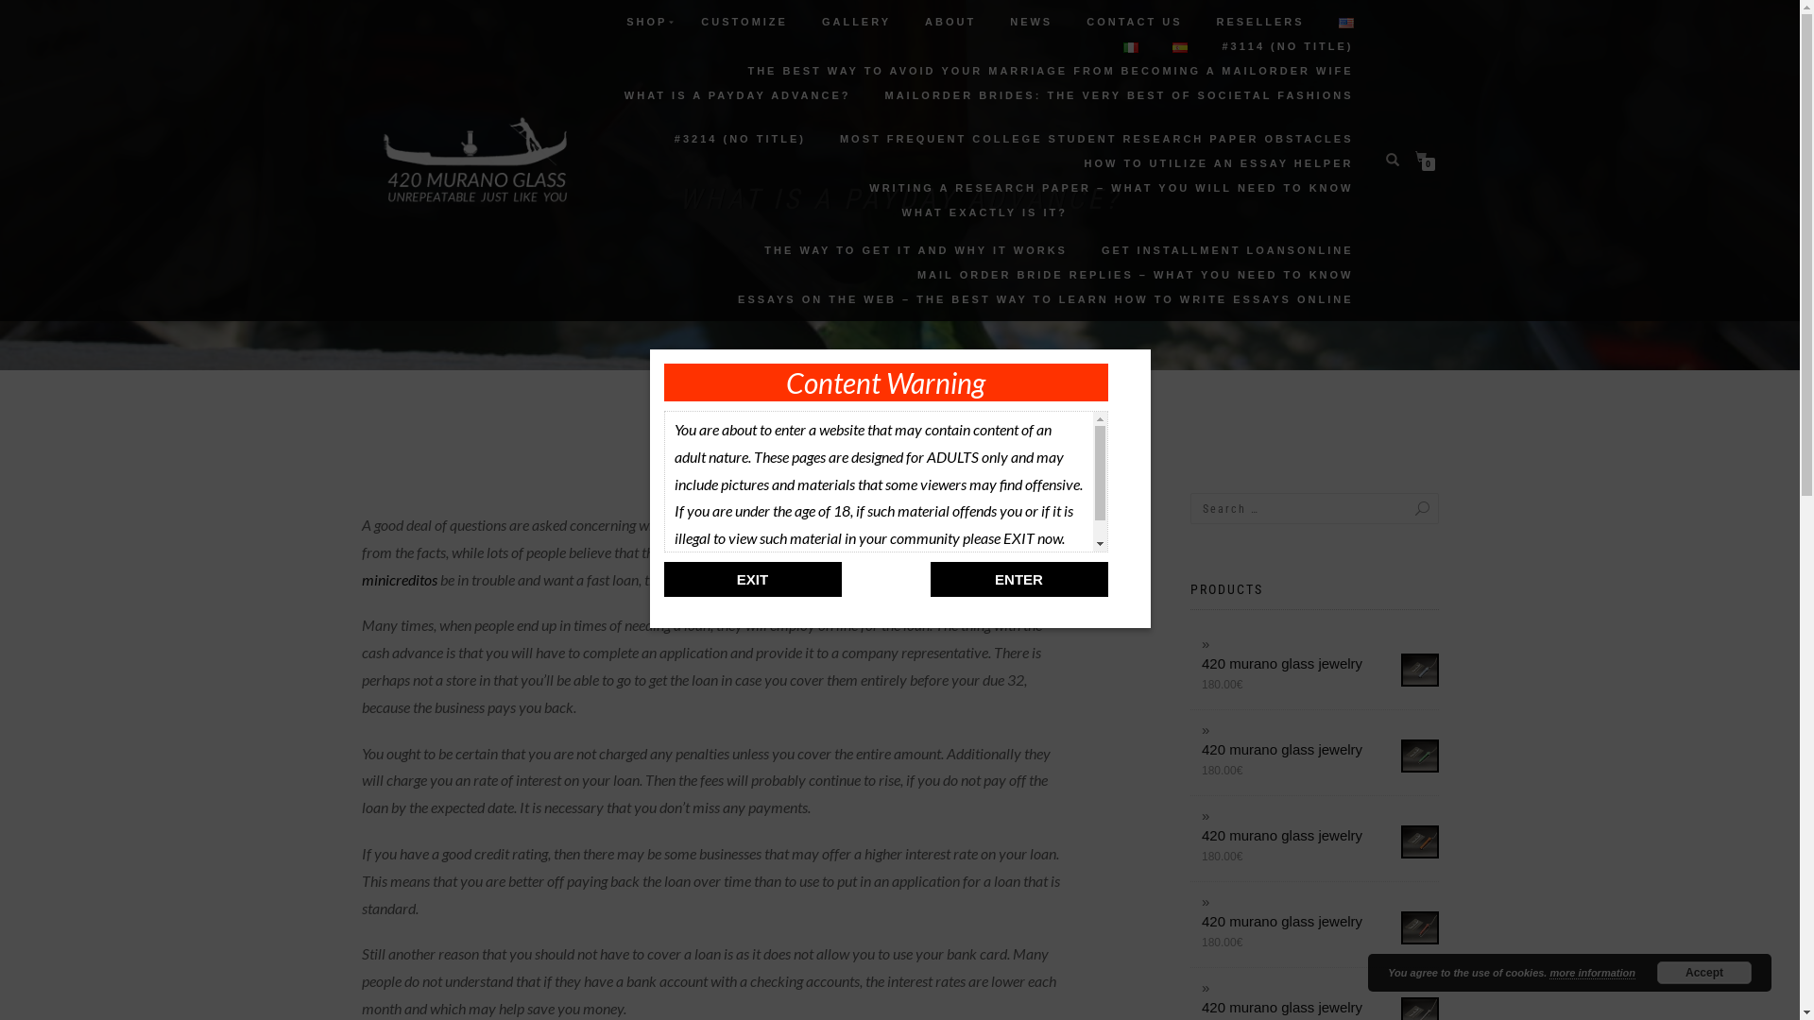  What do you see at coordinates (1319, 1006) in the screenshot?
I see `'420 murano glass jewelry'` at bounding box center [1319, 1006].